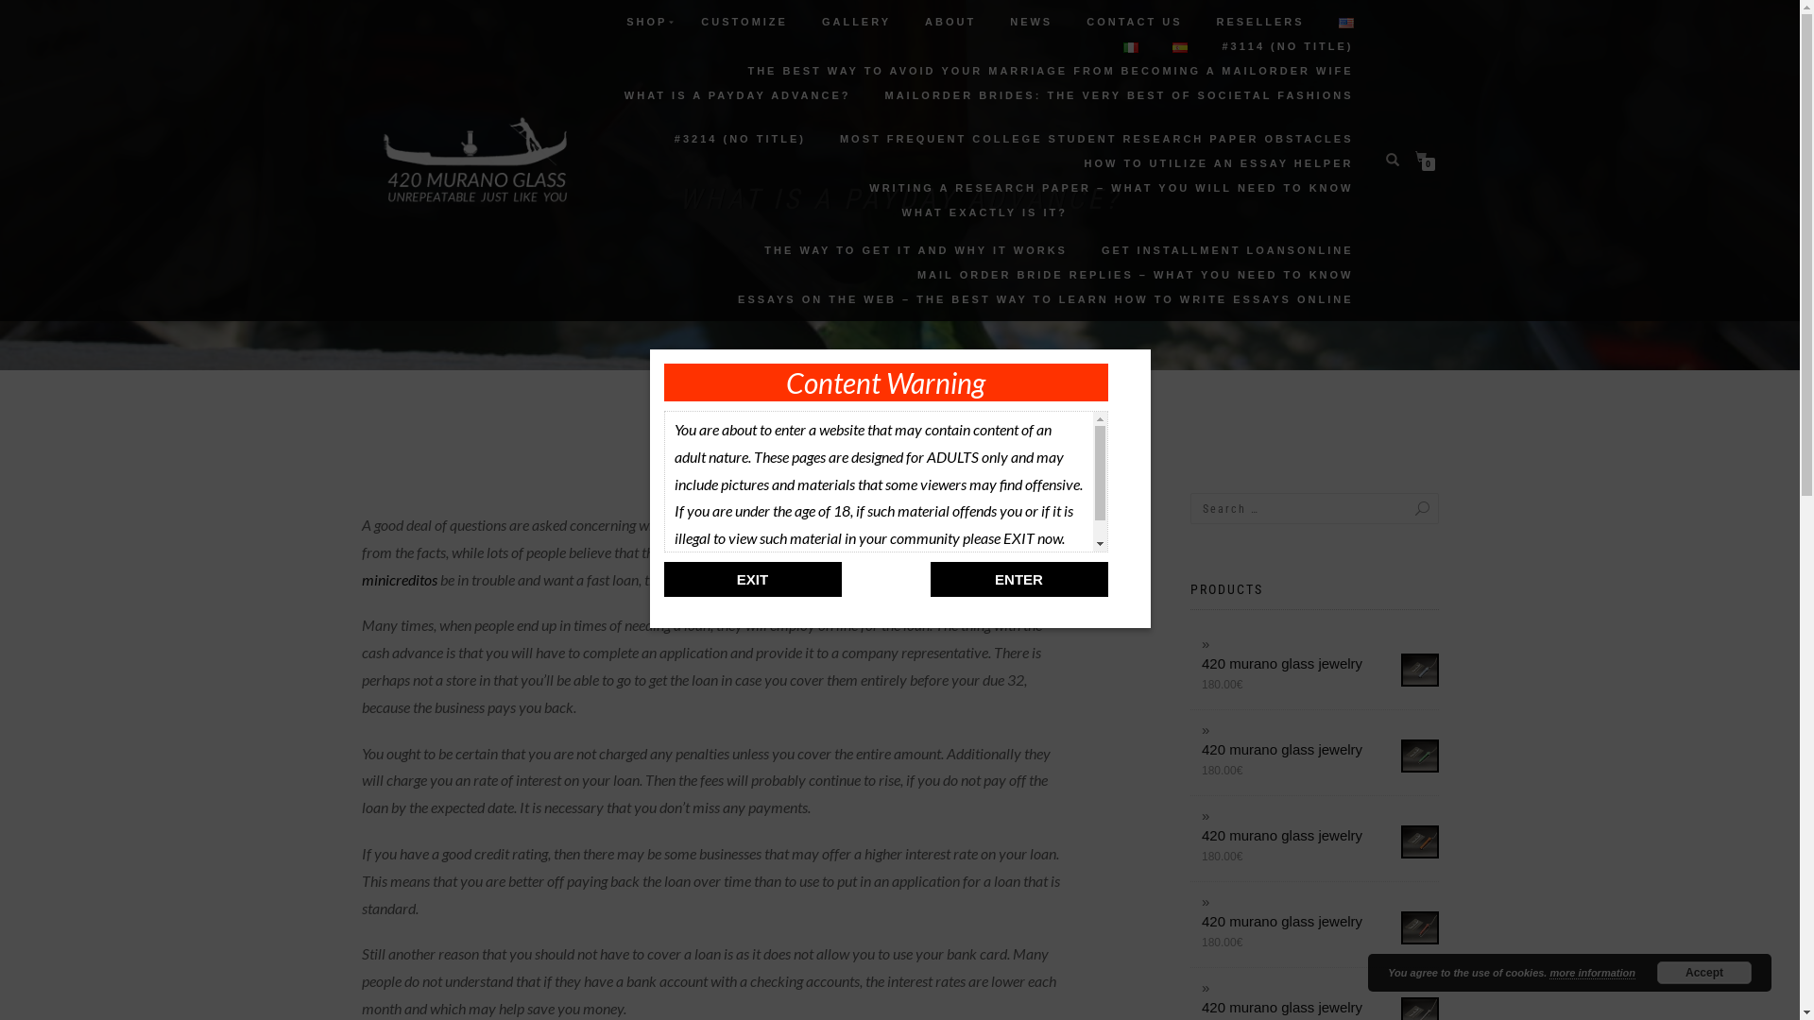  What do you see at coordinates (1319, 1006) in the screenshot?
I see `'420 murano glass jewelry'` at bounding box center [1319, 1006].